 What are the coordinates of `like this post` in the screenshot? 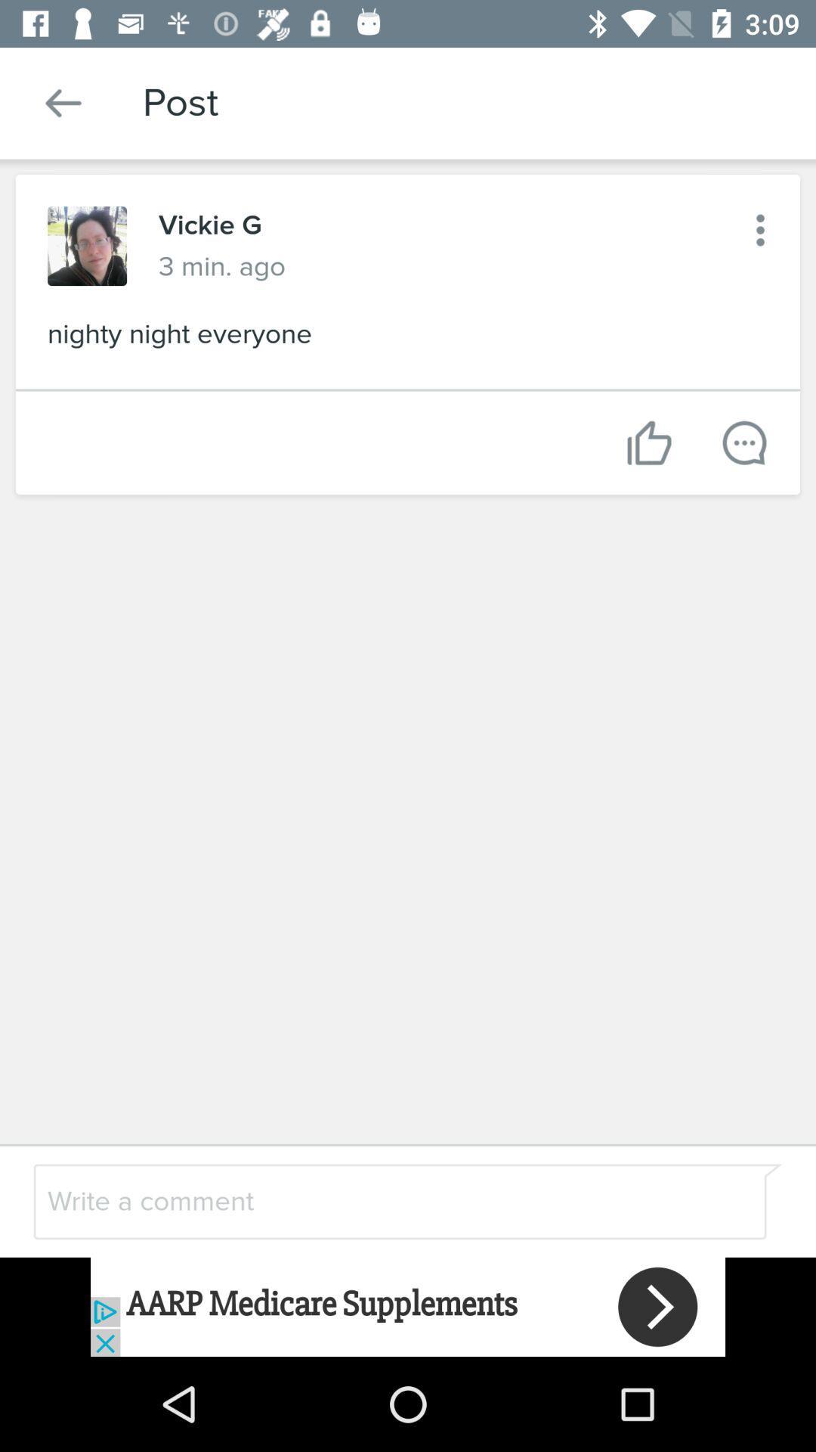 It's located at (648, 442).